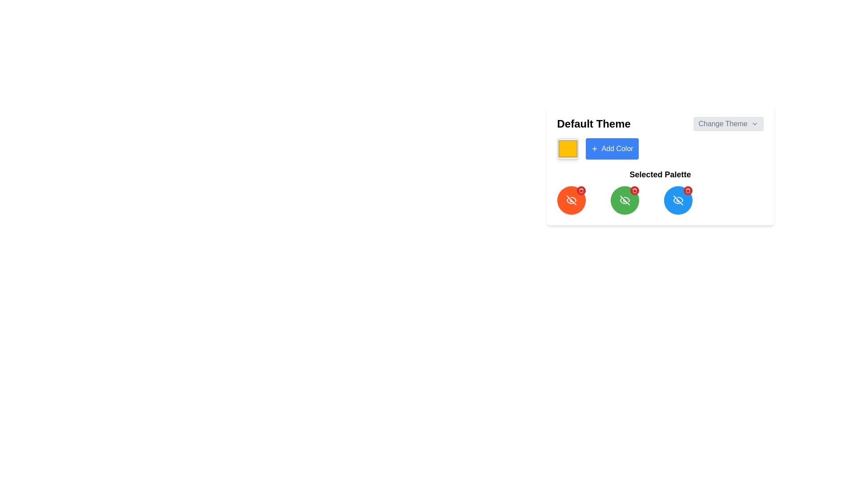 The width and height of the screenshot is (854, 480). Describe the element at coordinates (634, 190) in the screenshot. I see `the delete button located at the top-right of the green circular button in the 'Selected Palette' section` at that location.